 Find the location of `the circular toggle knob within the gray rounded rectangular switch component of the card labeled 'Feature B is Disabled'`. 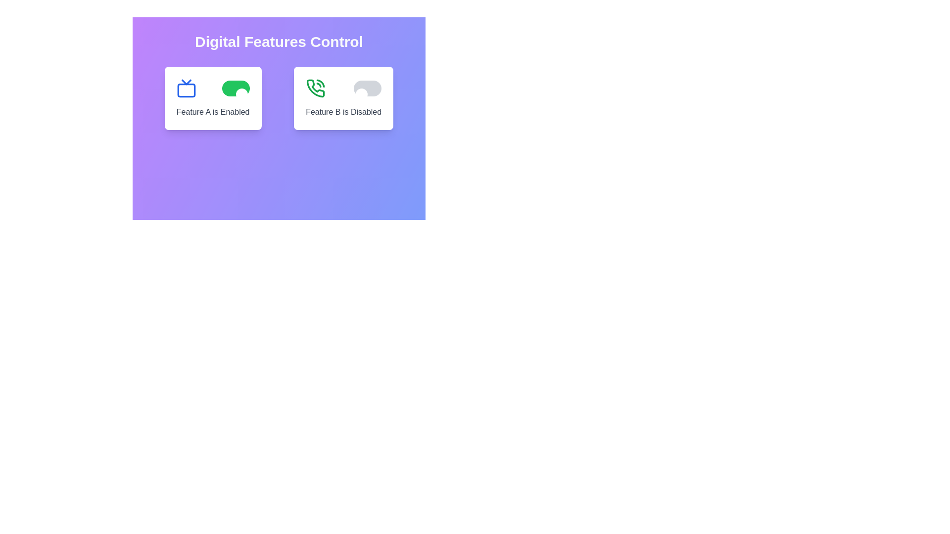

the circular toggle knob within the gray rounded rectangular switch component of the card labeled 'Feature B is Disabled' is located at coordinates (361, 94).